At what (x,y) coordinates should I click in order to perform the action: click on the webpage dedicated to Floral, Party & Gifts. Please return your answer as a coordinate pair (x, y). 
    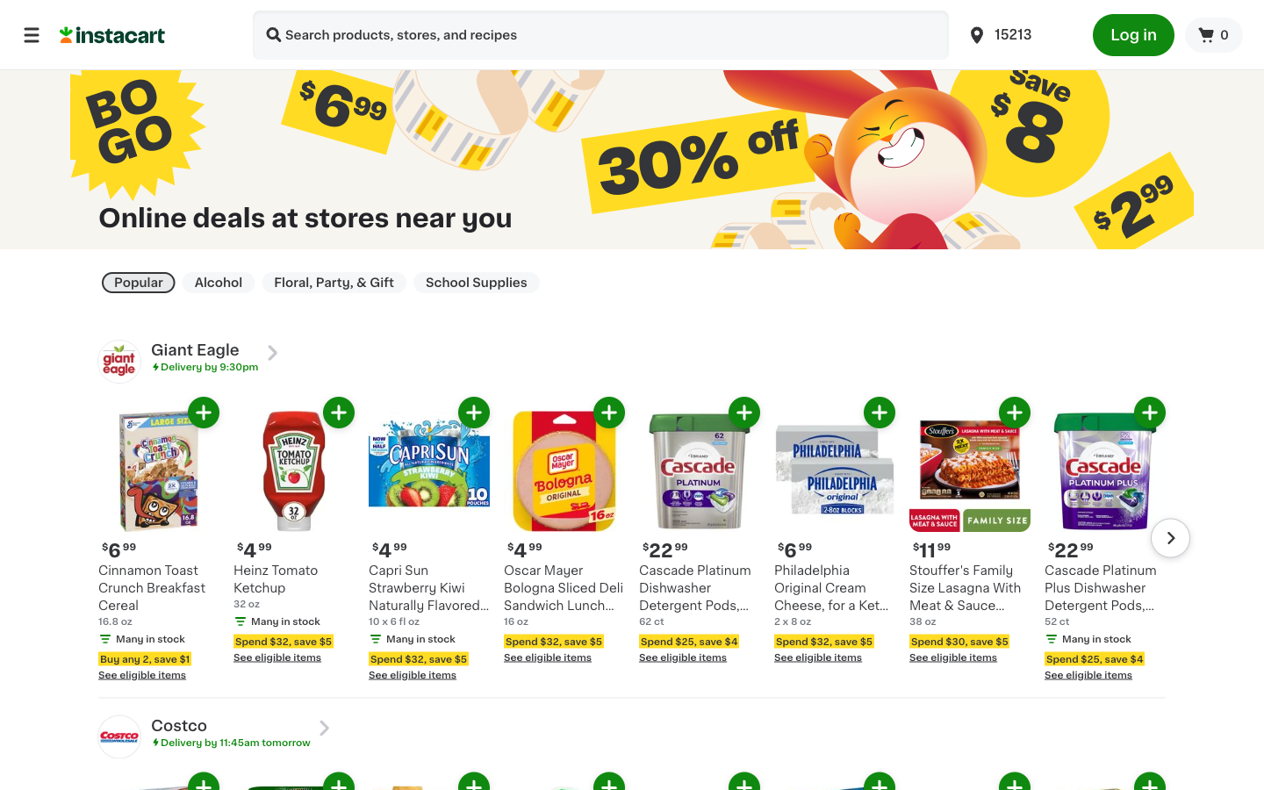
    Looking at the image, I should click on (333, 282).